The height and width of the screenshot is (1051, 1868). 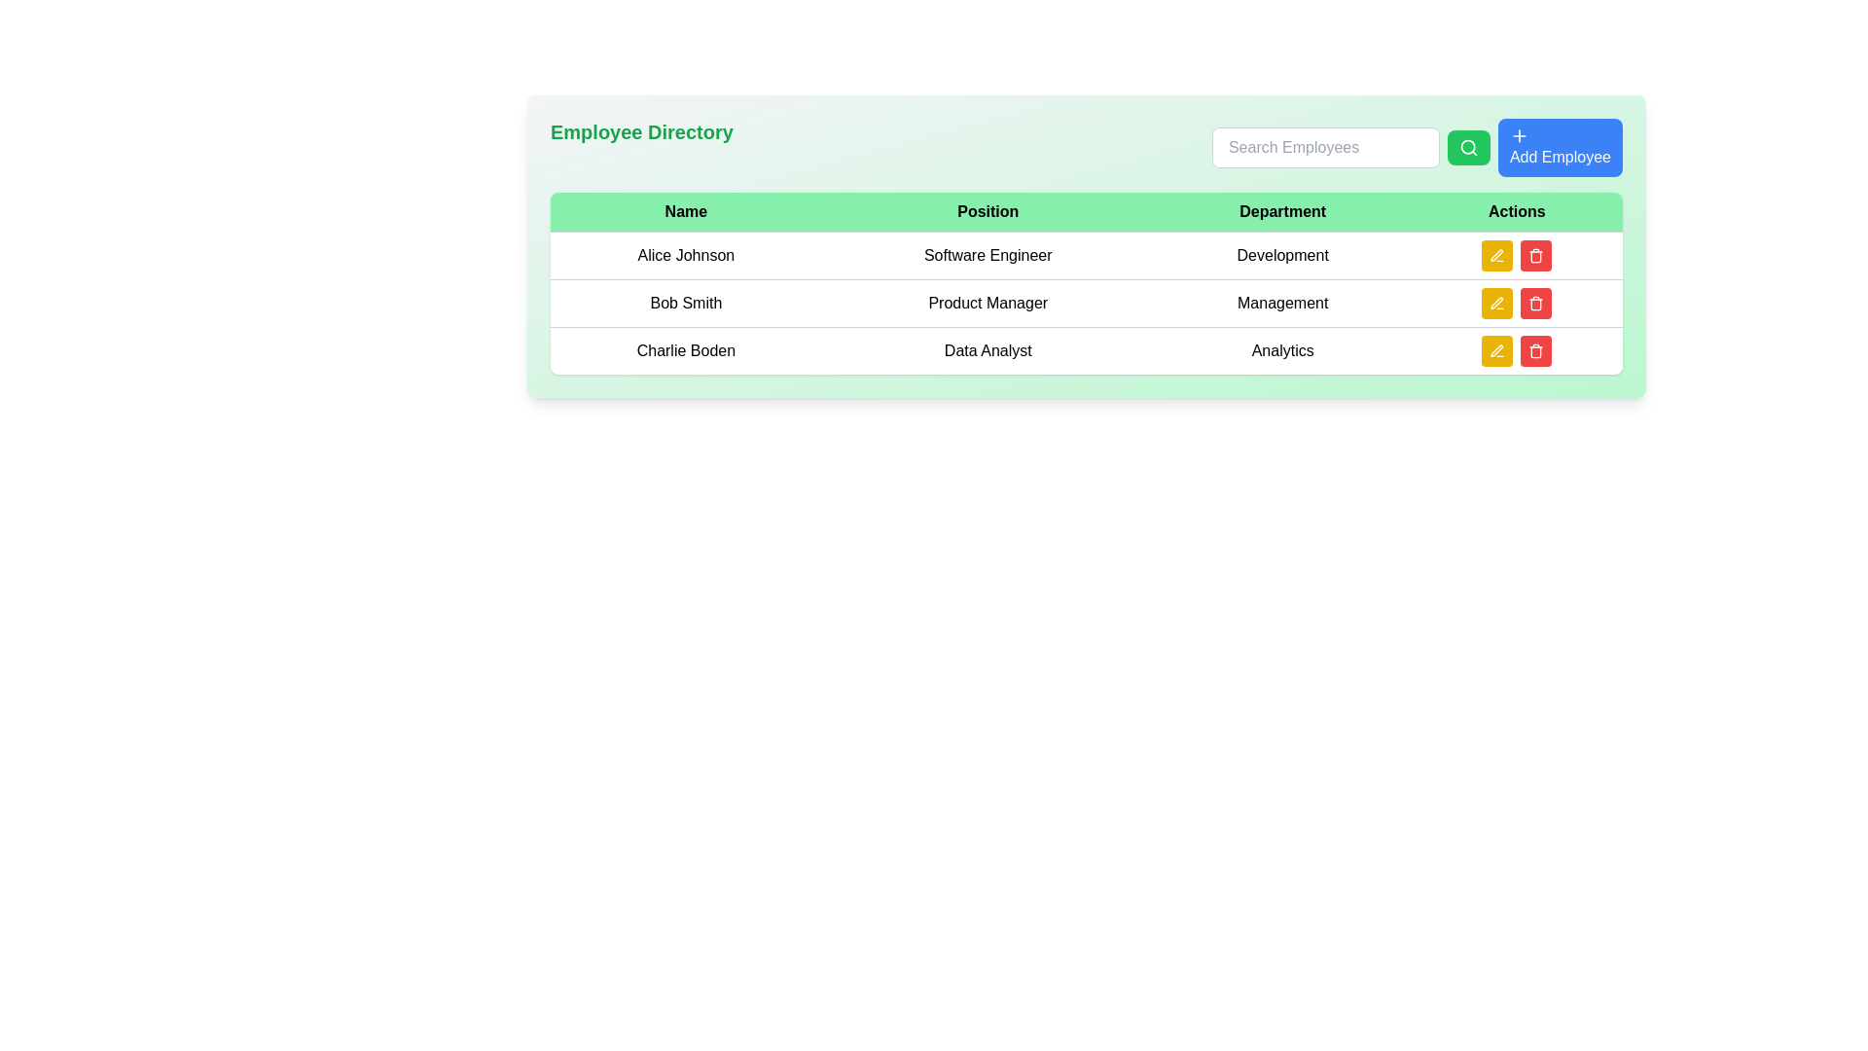 What do you see at coordinates (1496, 351) in the screenshot?
I see `the 'Edit' icon within the yellow button in the 'Actions' column of the last row, corresponding to 'Charlie Boden's' entry` at bounding box center [1496, 351].